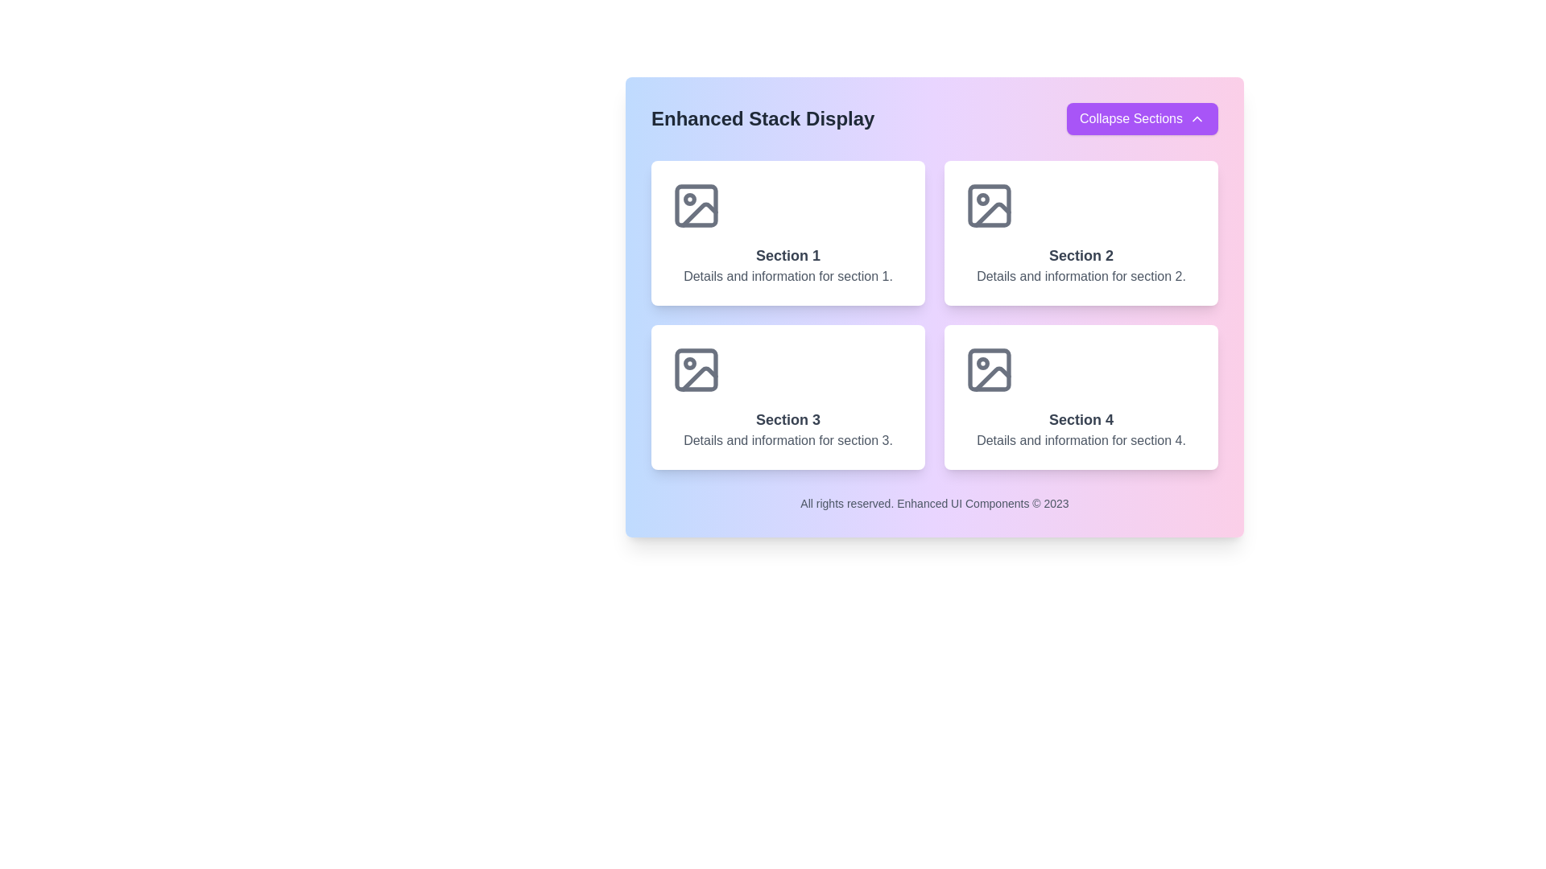 Image resolution: width=1546 pixels, height=869 pixels. What do you see at coordinates (1131, 117) in the screenshot?
I see `the 'Collapse Sections' text label within the button located in the top-right corner of the interface, which features white text on a purple background and a downward chevron icon` at bounding box center [1131, 117].